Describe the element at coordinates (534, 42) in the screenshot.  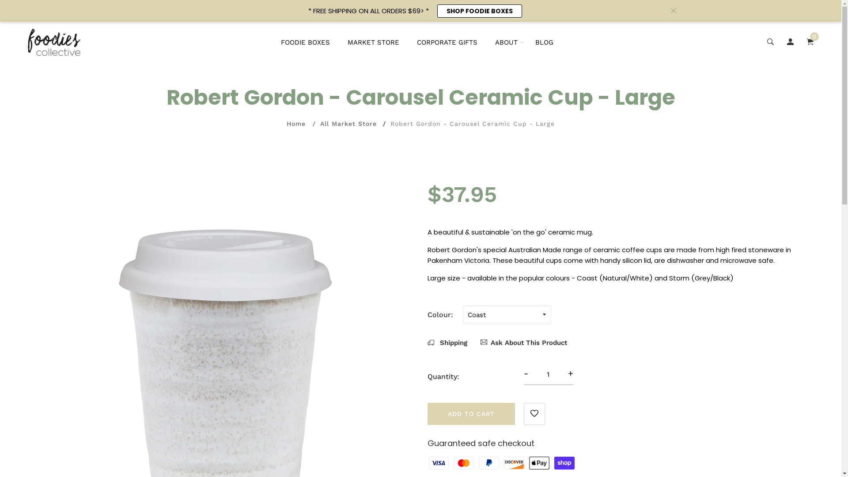
I see `'BLOG'` at that location.